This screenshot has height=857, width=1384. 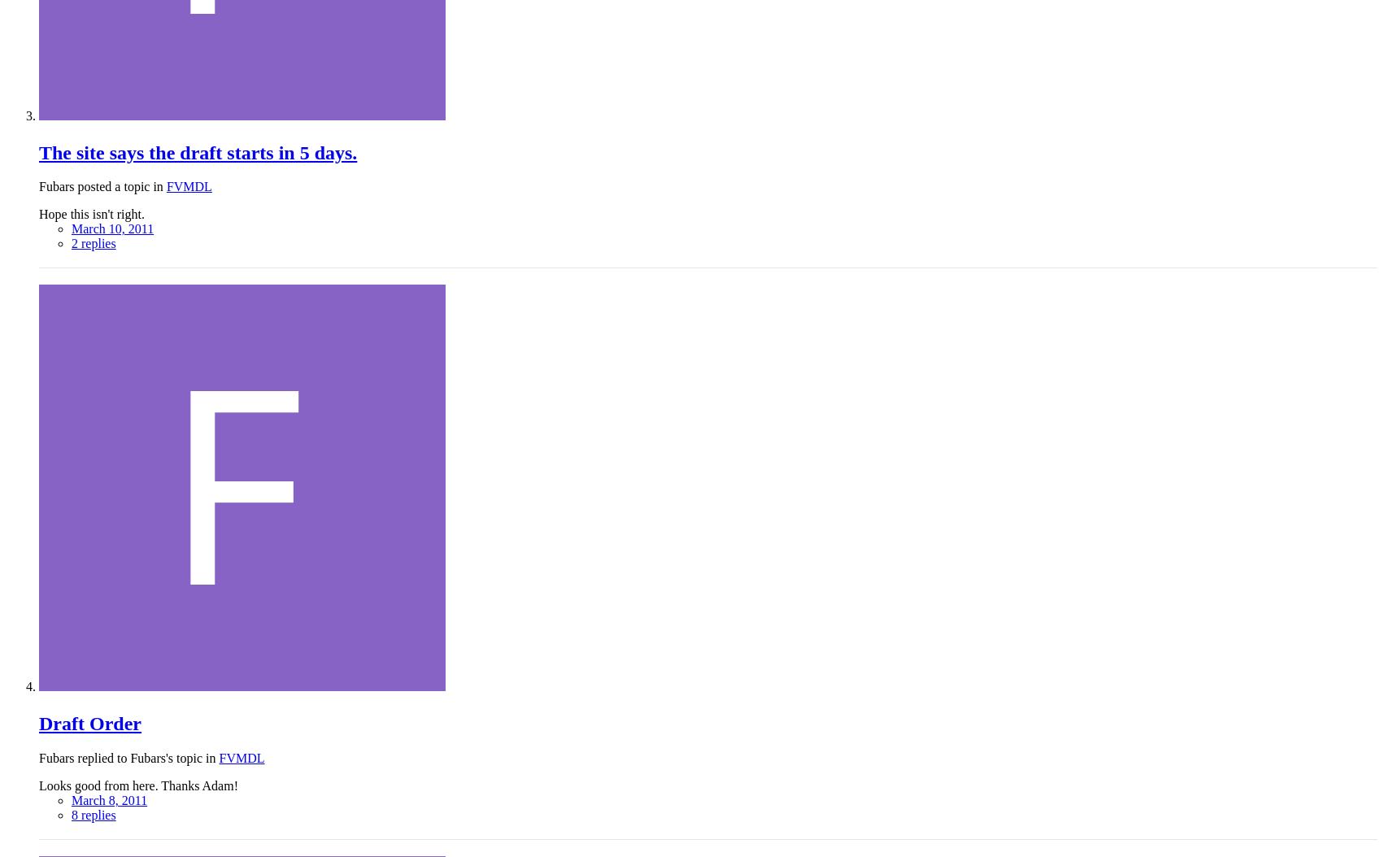 What do you see at coordinates (137, 785) in the screenshot?
I see `'Looks good from here.  Thanks Adam!'` at bounding box center [137, 785].